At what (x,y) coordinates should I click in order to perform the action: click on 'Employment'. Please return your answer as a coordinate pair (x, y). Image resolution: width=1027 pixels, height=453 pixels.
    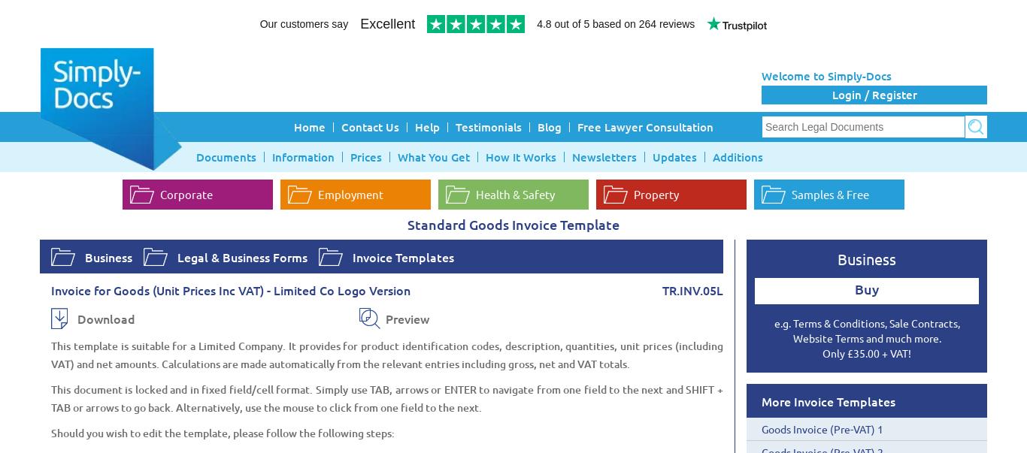
    Looking at the image, I should click on (350, 193).